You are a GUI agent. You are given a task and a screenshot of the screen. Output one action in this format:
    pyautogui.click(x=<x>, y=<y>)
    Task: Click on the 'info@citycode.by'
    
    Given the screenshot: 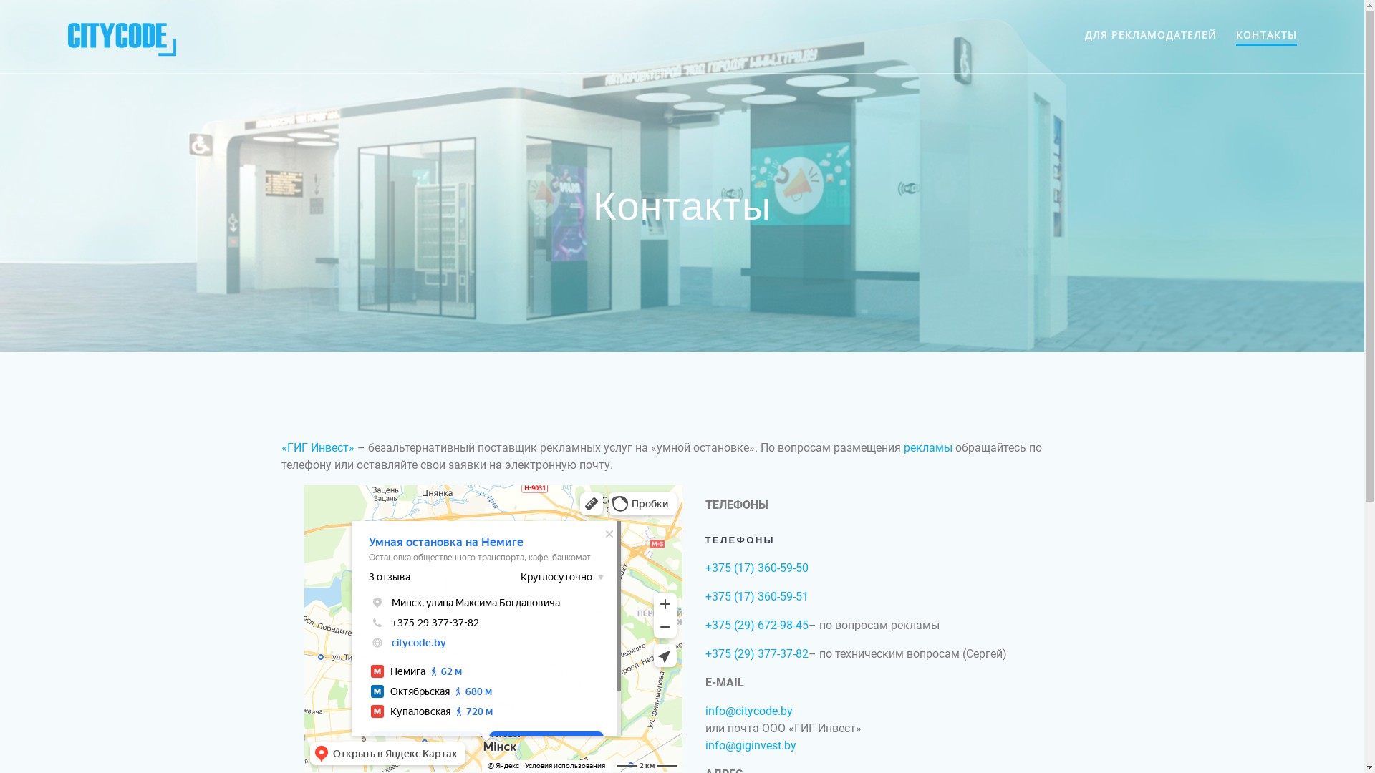 What is the action you would take?
    pyautogui.click(x=748, y=711)
    